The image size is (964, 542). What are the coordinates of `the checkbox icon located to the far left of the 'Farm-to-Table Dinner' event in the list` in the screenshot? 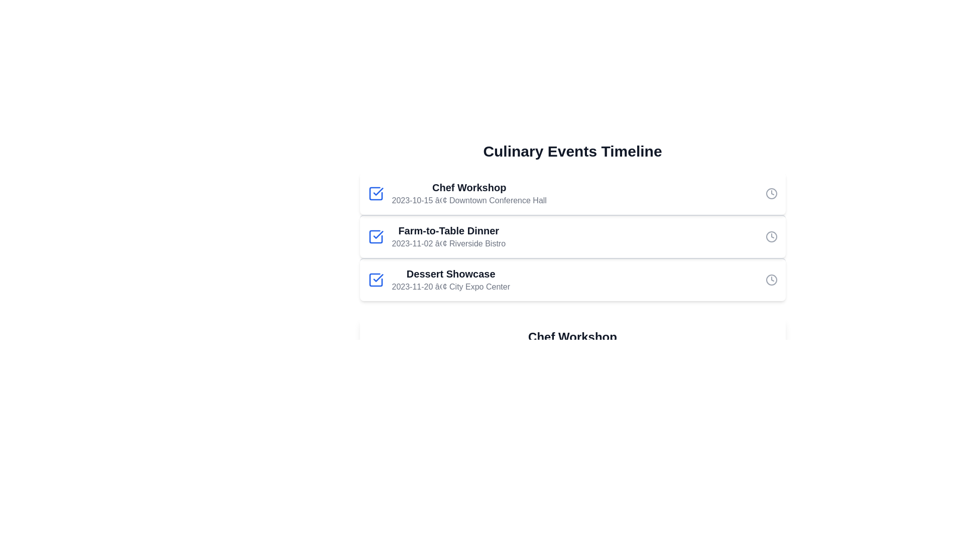 It's located at (375, 236).